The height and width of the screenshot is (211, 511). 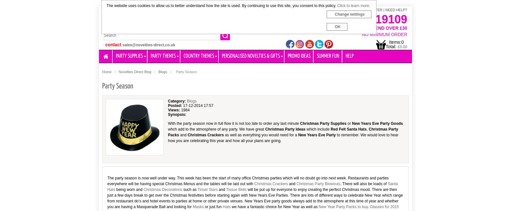 I want to click on 'With the party season now in full flow it is not too late to order any last minute', so click(x=234, y=124).